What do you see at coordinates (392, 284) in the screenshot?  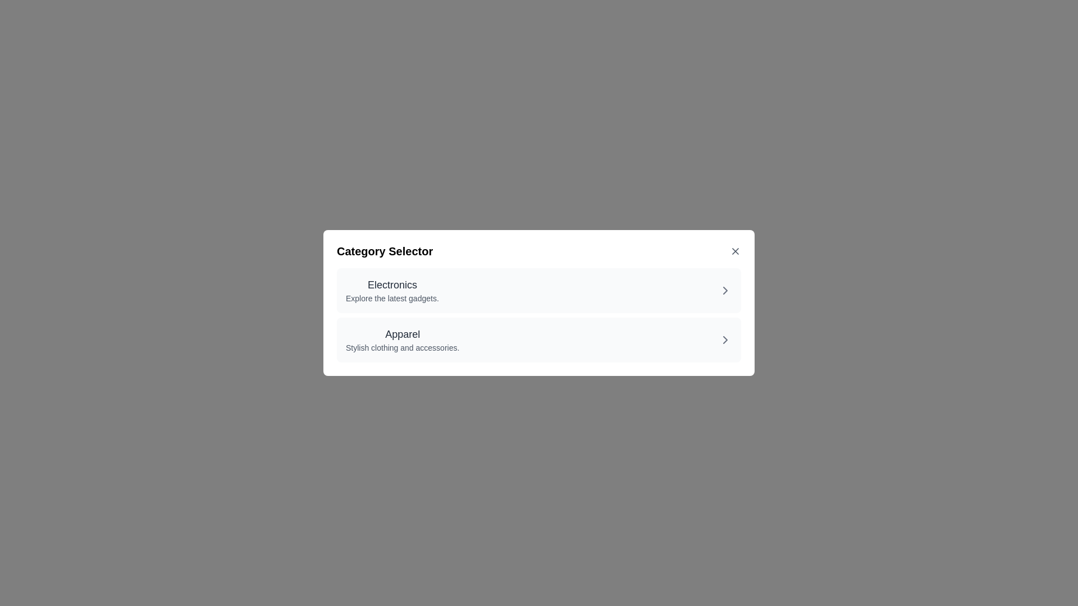 I see `the 'Electronics' category title text label, which is positioned above the descriptive line 'Explore the latest gadgets.' in the 'Category Selector' section` at bounding box center [392, 284].